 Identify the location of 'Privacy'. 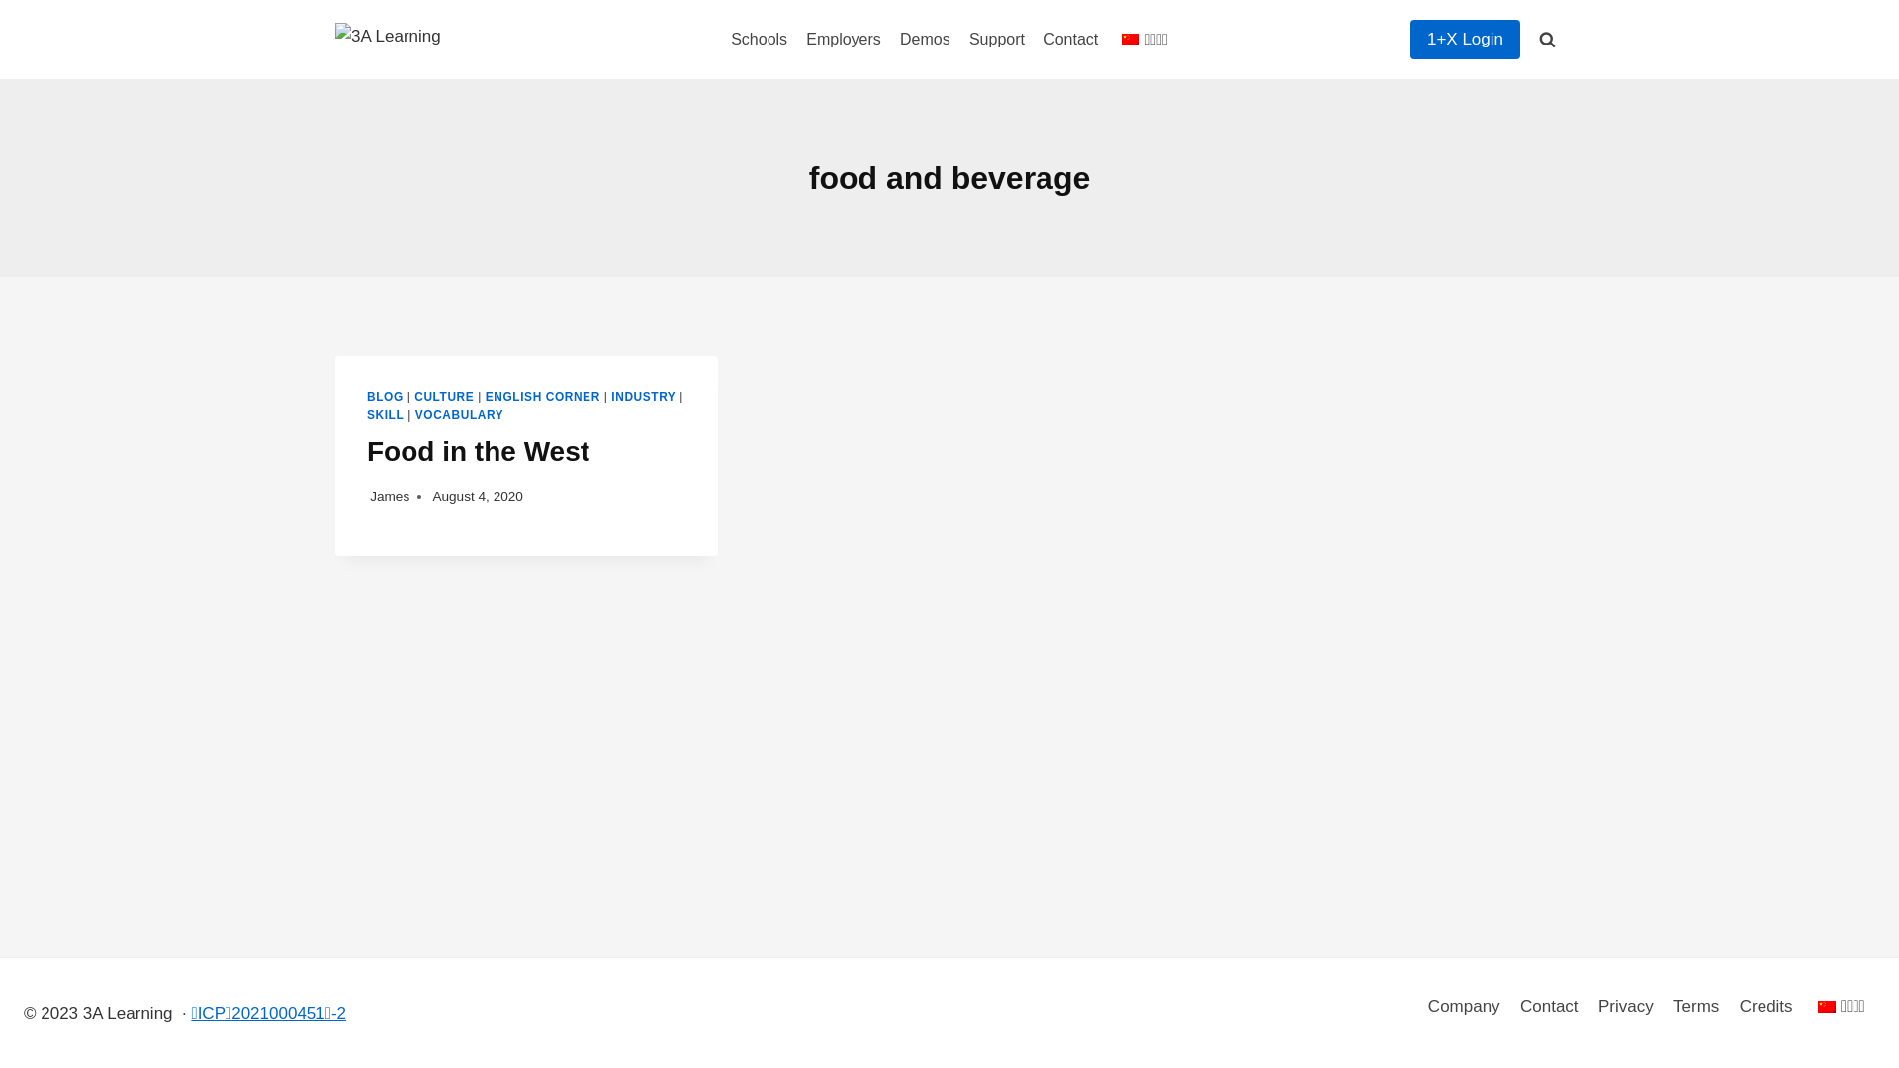
(1588, 1006).